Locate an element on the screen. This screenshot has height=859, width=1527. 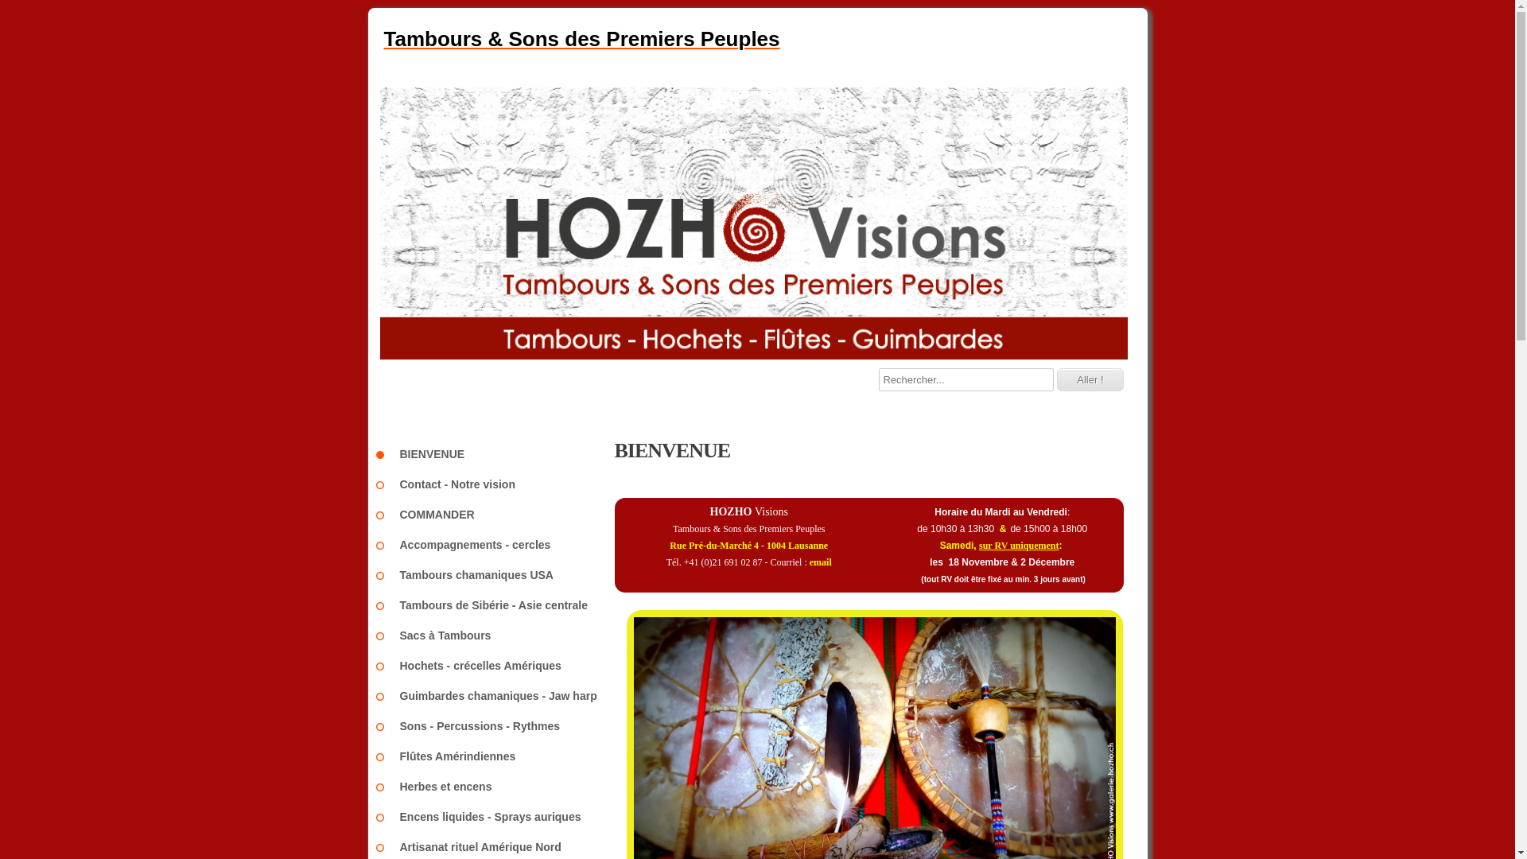
'COMMANDER' is located at coordinates (383, 515).